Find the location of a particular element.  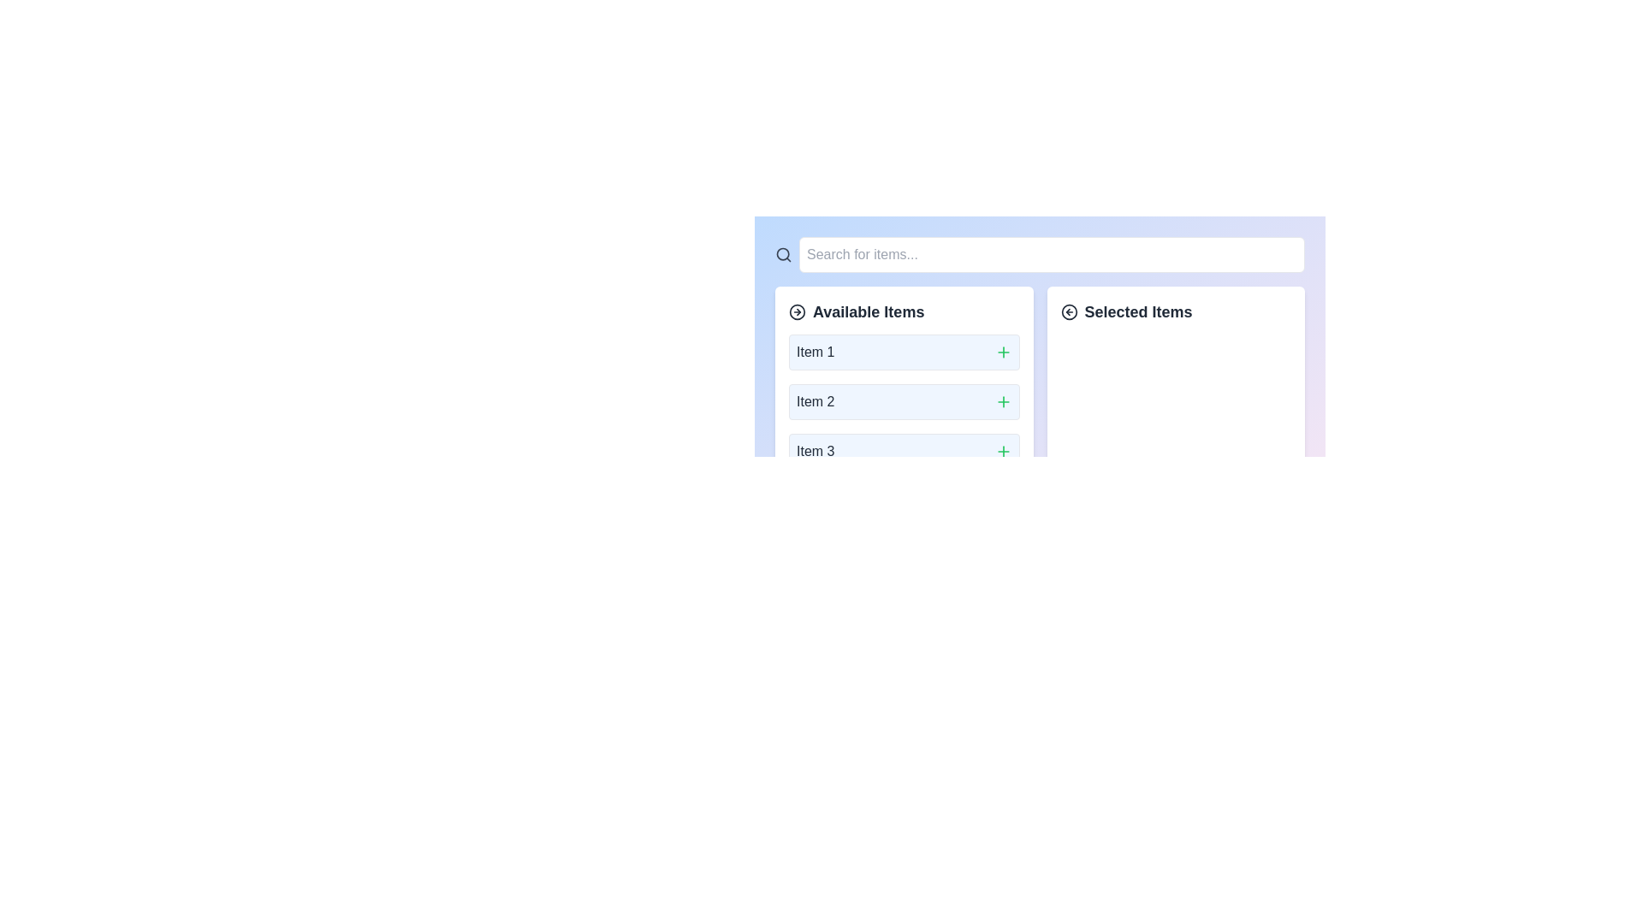

label 'Item 1' which is displayed in a standard sans-serif font style within a light blue background box with a blue border, located in the left column titled 'Available Items' is located at coordinates (815, 352).